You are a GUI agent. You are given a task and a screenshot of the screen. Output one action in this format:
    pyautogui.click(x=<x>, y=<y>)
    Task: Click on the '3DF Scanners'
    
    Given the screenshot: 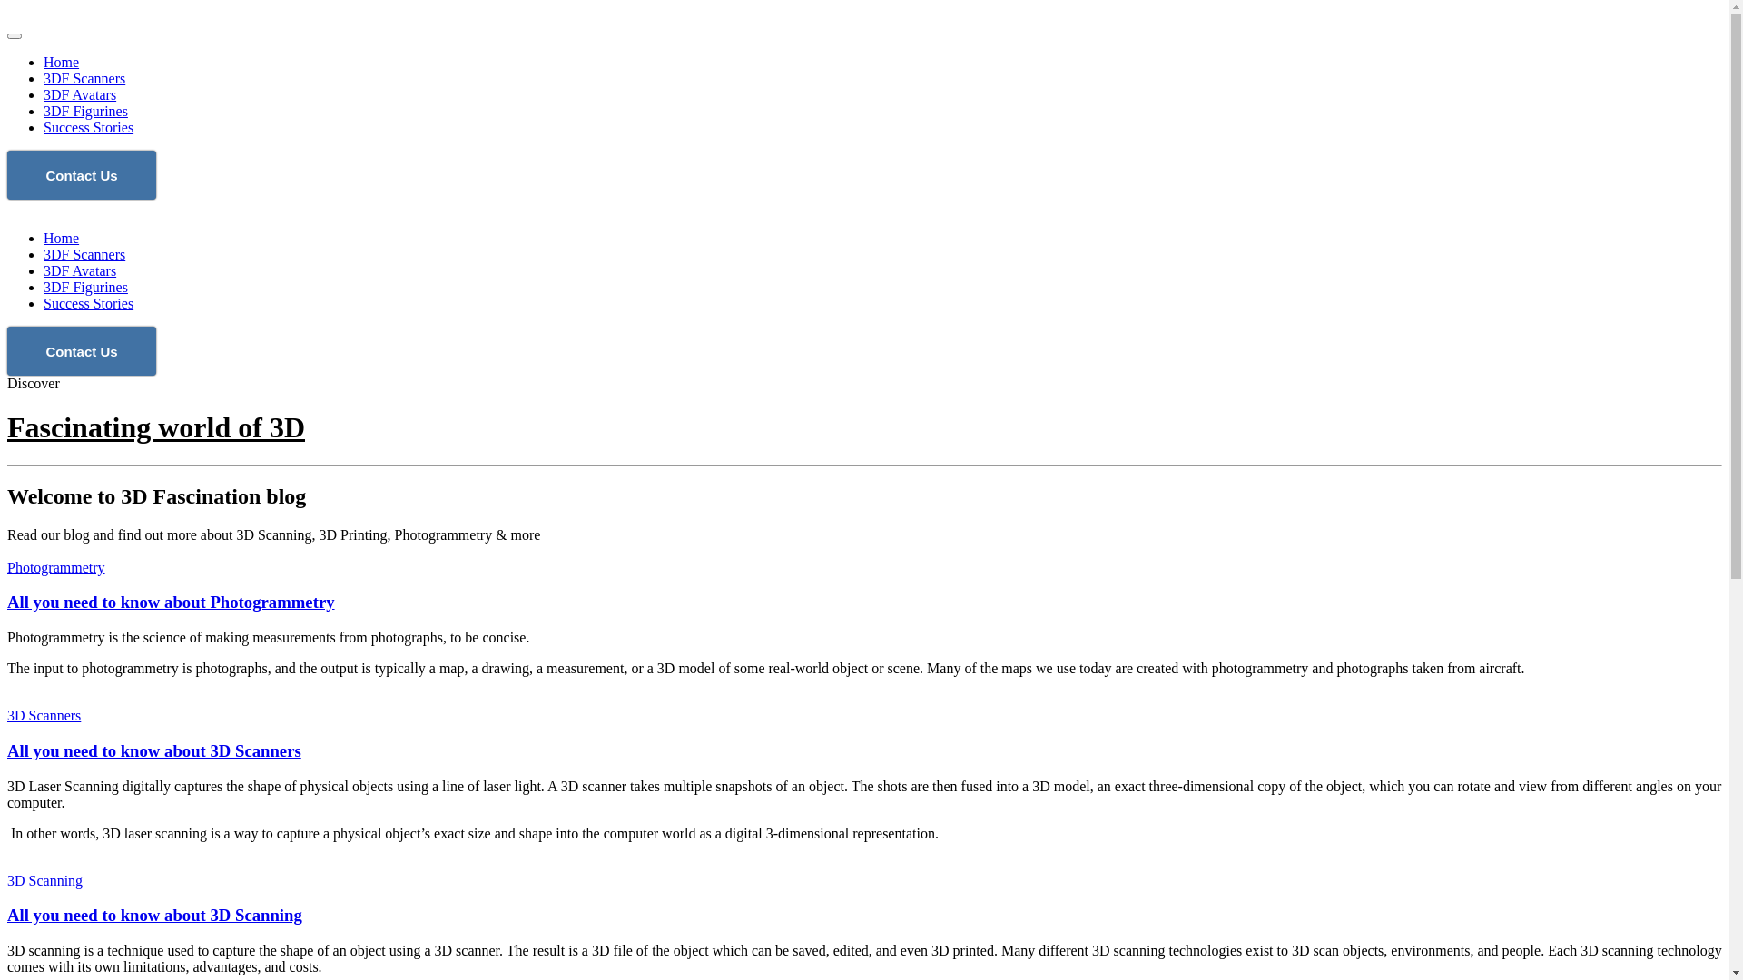 What is the action you would take?
    pyautogui.click(x=83, y=77)
    